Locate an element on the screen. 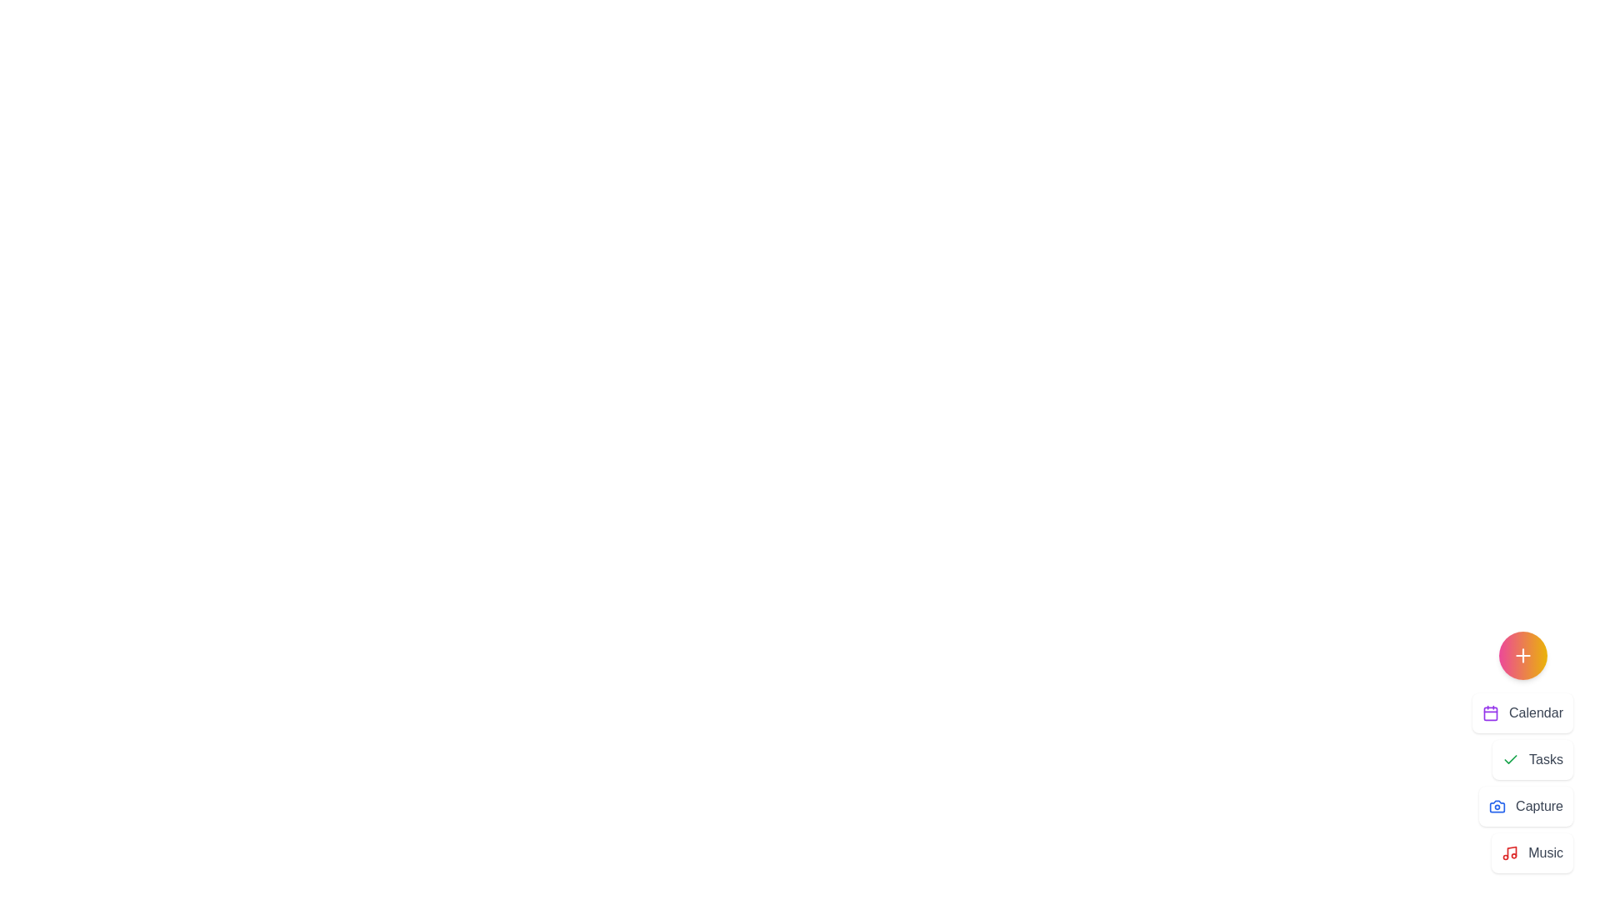 The width and height of the screenshot is (1600, 900). the menu item Calendar to trigger its associated action is located at coordinates (1522, 712).